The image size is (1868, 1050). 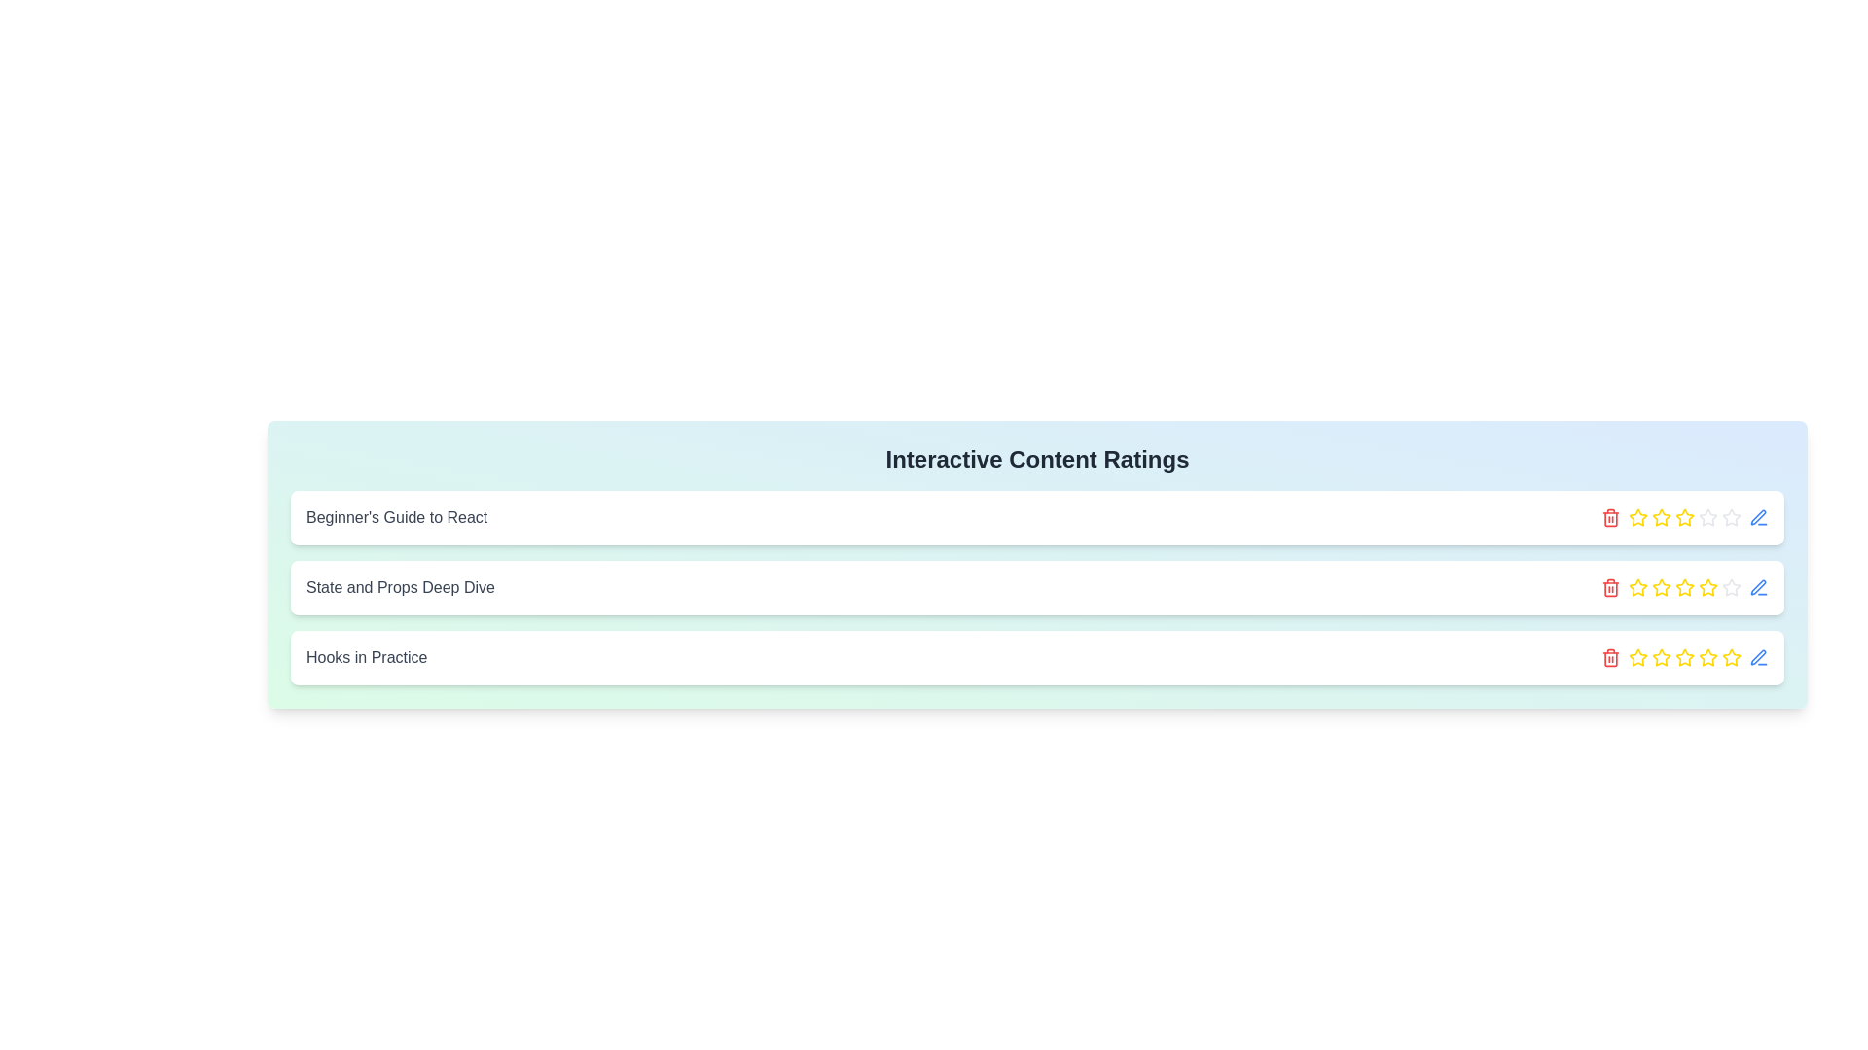 What do you see at coordinates (1684, 586) in the screenshot?
I see `the fifth yellow star icon in the rating system for the item 'Hooks in Practice'` at bounding box center [1684, 586].